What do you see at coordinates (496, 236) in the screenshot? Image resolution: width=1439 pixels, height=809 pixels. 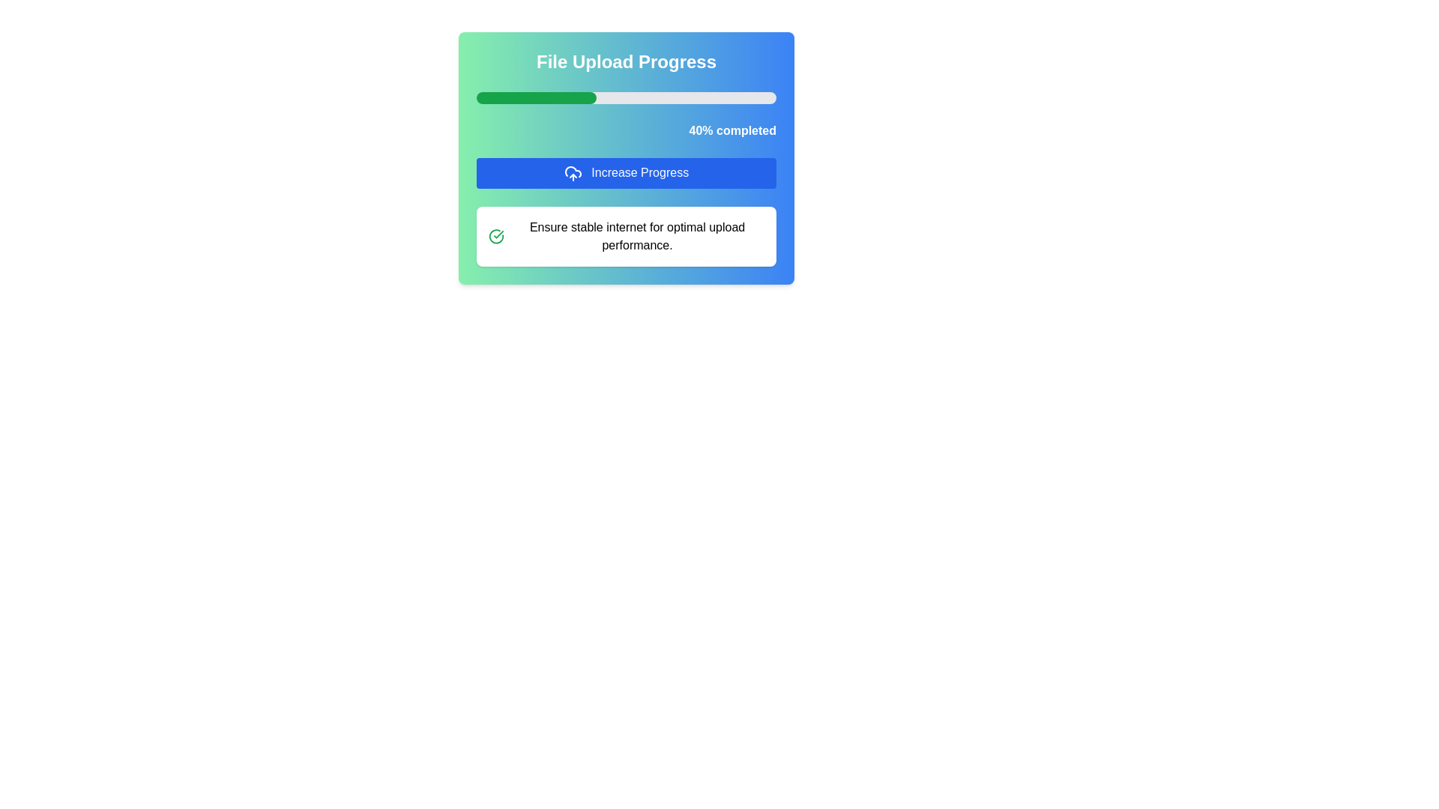 I see `the green circular icon with a checkmark indicating success, located to the left of the informational text about internet stability` at bounding box center [496, 236].